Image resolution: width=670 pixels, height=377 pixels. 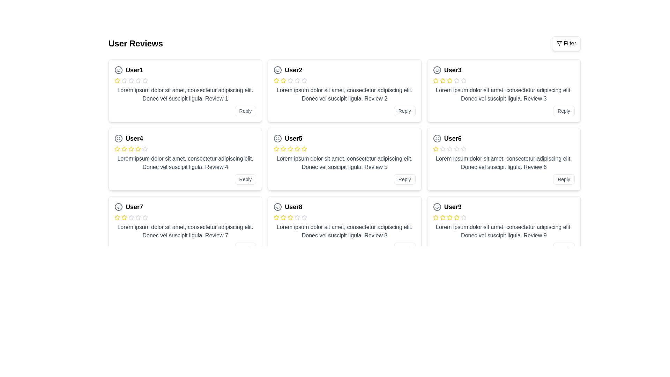 What do you see at coordinates (117, 286) in the screenshot?
I see `the second star in the graphical star rating component for the 'User7' section to rate it` at bounding box center [117, 286].